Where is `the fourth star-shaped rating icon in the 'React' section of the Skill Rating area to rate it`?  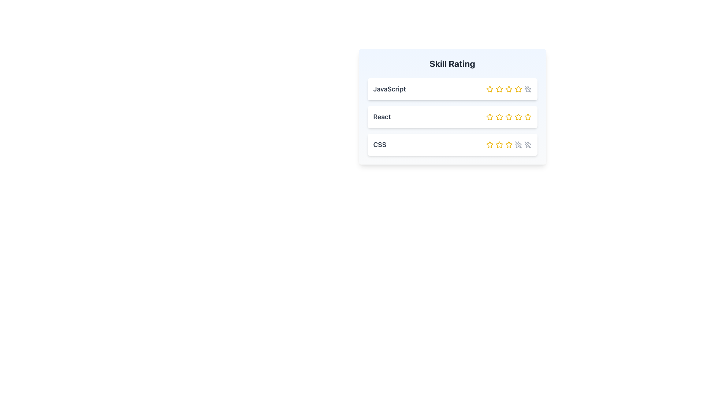
the fourth star-shaped rating icon in the 'React' section of the Skill Rating area to rate it is located at coordinates (508, 117).